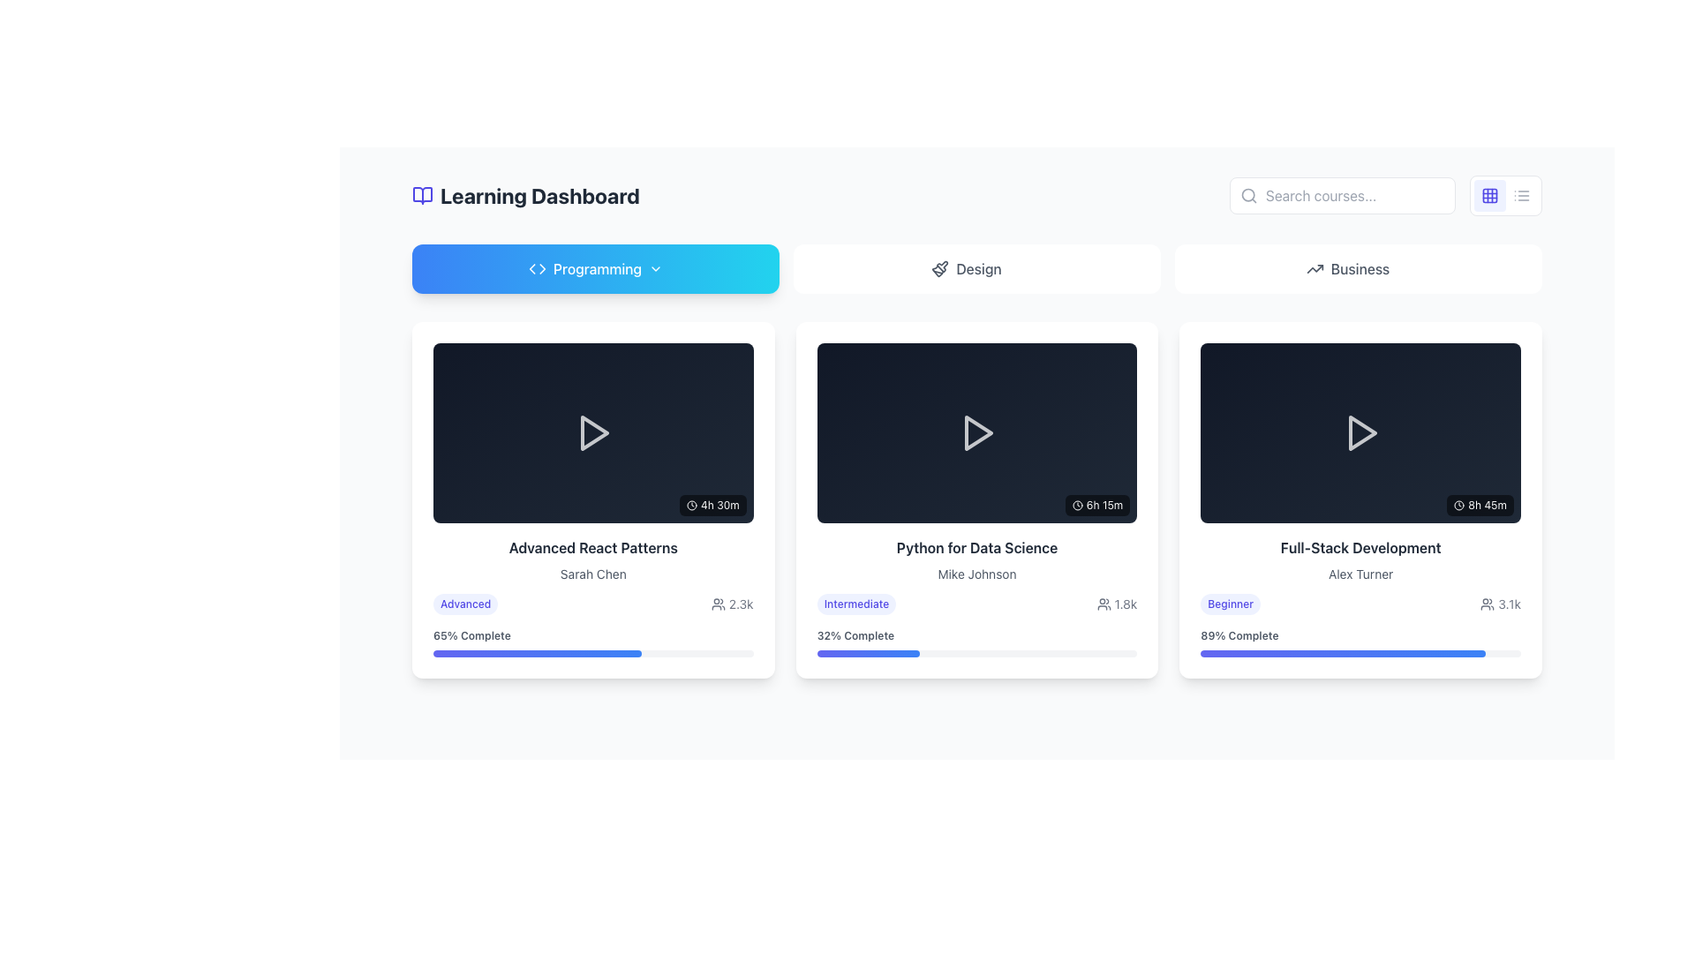  Describe the element at coordinates (712, 505) in the screenshot. I see `the informative label displaying the course duration for the 'Advanced React Patterns' course, which includes a clock icon and is located at the bottom-right corner of the course card` at that location.